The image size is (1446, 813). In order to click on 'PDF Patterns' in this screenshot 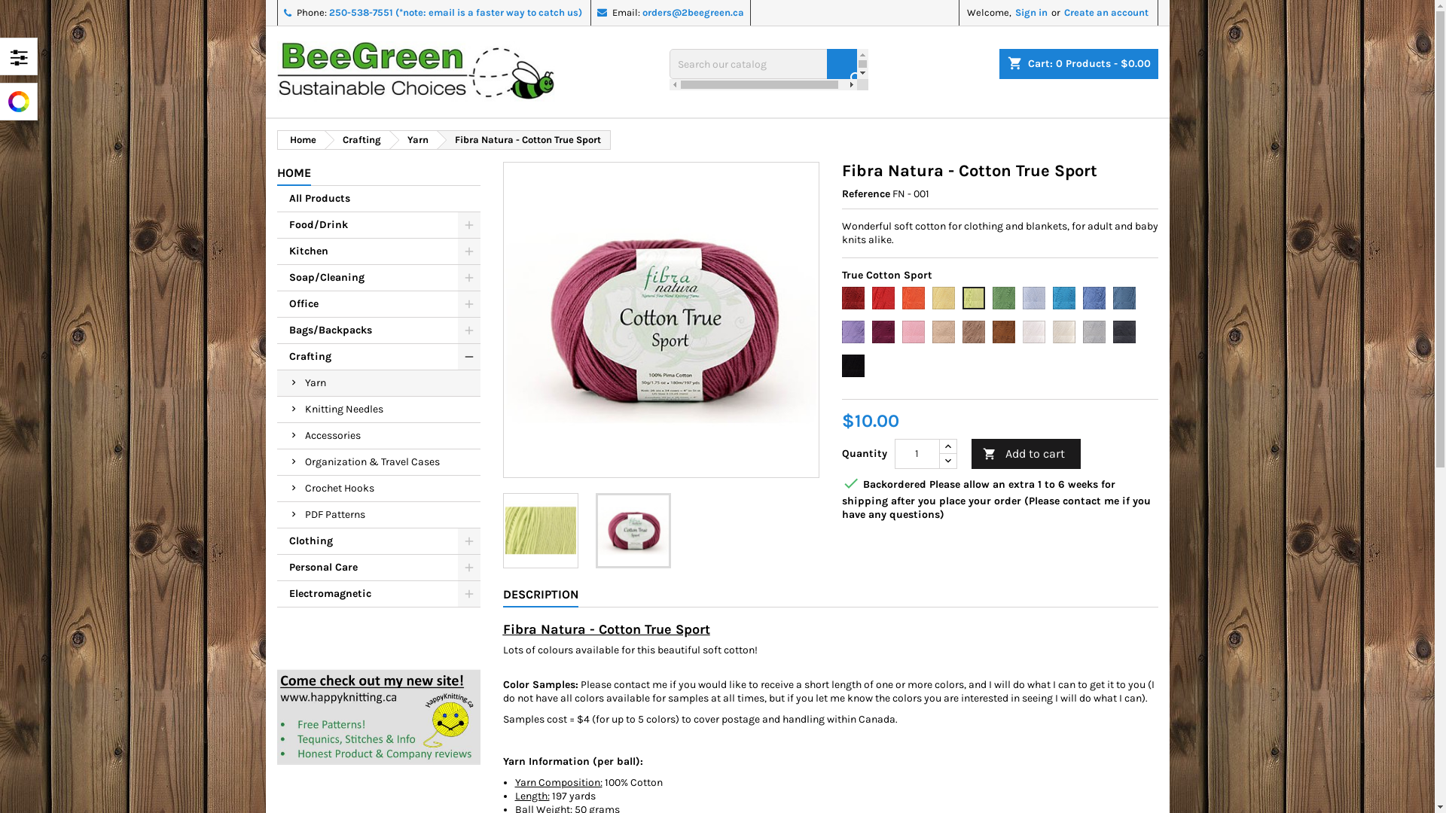, I will do `click(379, 514)`.